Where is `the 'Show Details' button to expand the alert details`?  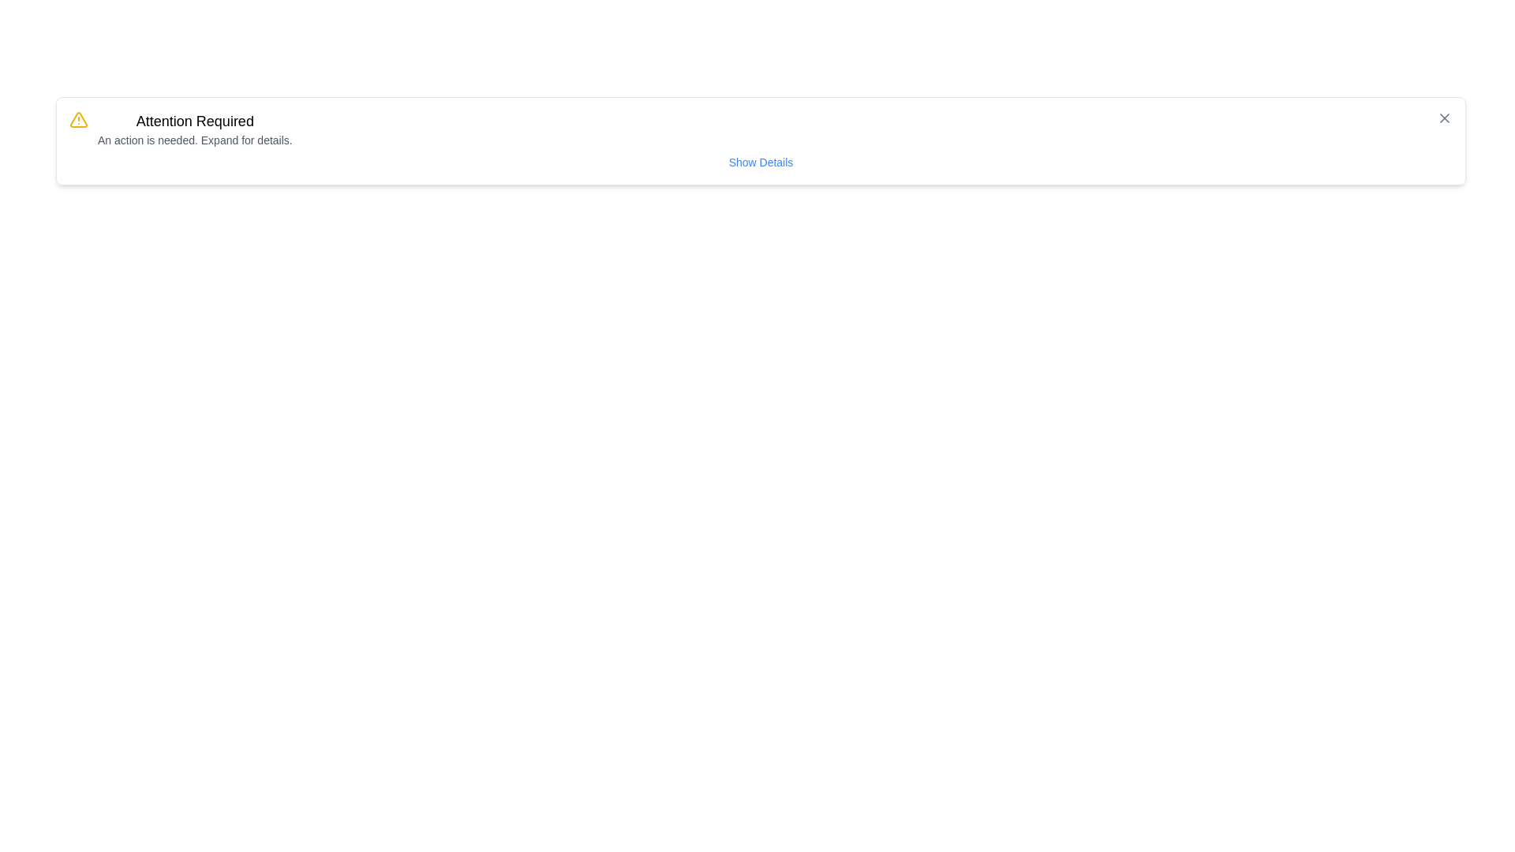 the 'Show Details' button to expand the alert details is located at coordinates (761, 162).